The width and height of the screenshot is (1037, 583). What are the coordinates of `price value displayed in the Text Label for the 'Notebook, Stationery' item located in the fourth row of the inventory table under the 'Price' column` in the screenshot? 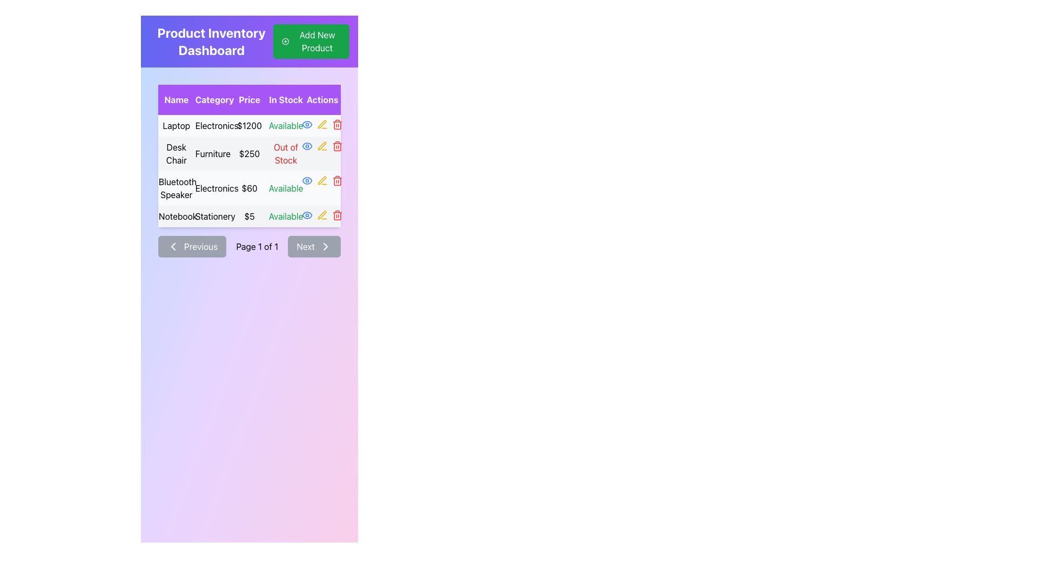 It's located at (248, 216).